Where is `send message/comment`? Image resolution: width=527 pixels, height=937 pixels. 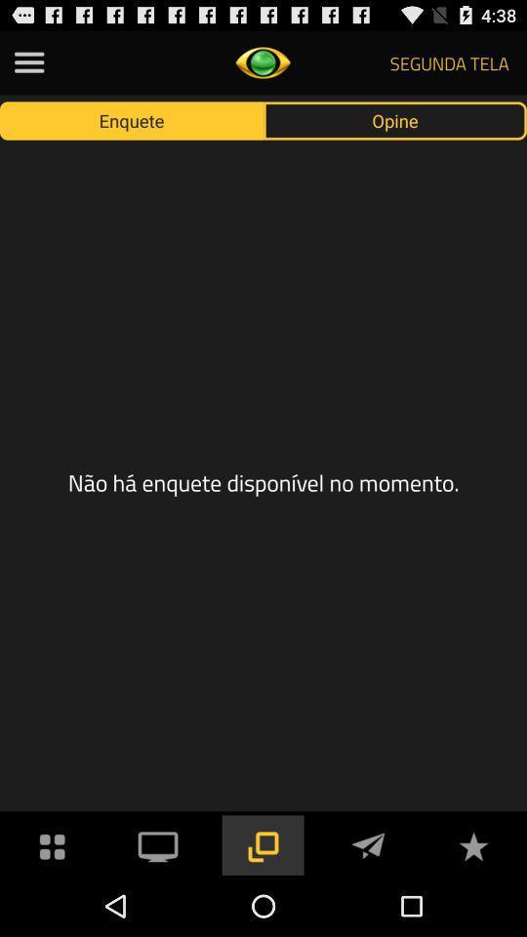 send message/comment is located at coordinates (368, 843).